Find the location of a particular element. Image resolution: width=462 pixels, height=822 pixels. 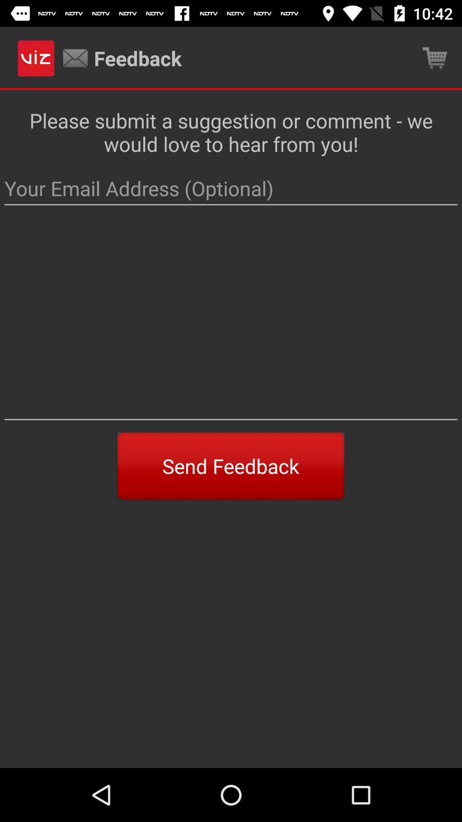

item to the right of the  feedback item is located at coordinates (435, 58).